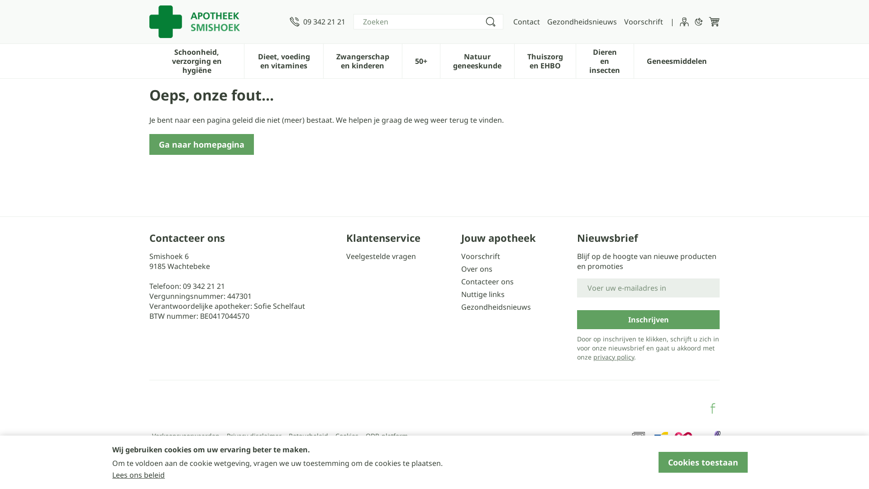  What do you see at coordinates (152, 436) in the screenshot?
I see `'Verkoopsvoorwaarden'` at bounding box center [152, 436].